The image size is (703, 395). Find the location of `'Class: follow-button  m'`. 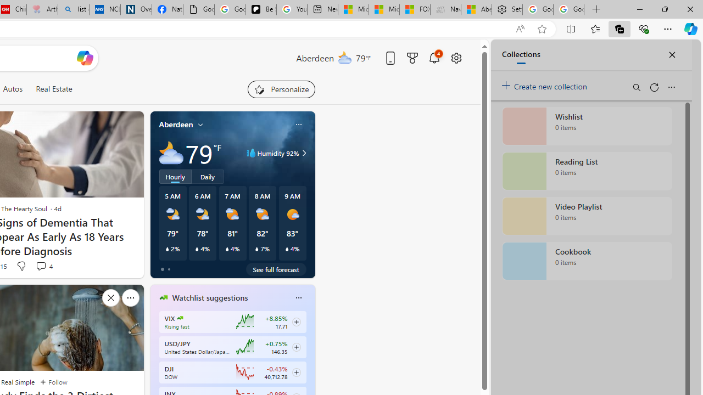

'Class: follow-button  m' is located at coordinates (296, 371).